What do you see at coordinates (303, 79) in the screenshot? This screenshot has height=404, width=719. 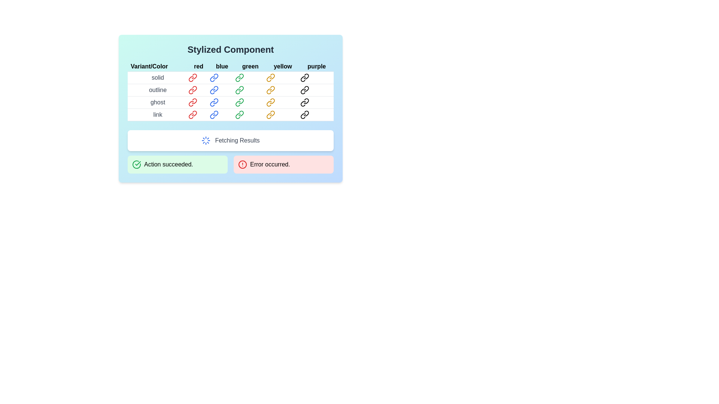 I see `the link icon located in the first row and fifth column of the table under the heading 'purple', adjacent to other chain link icons` at bounding box center [303, 79].